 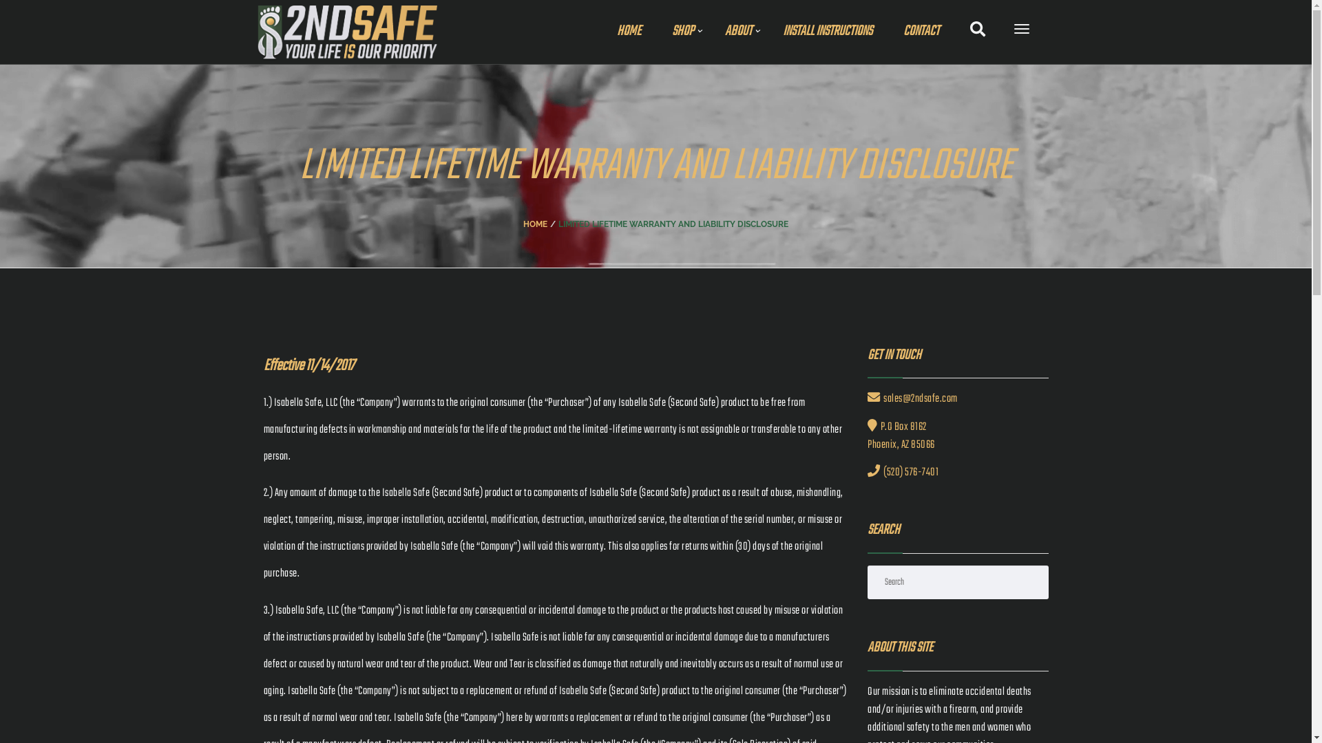 I want to click on 'CONTACT', so click(x=896, y=31).